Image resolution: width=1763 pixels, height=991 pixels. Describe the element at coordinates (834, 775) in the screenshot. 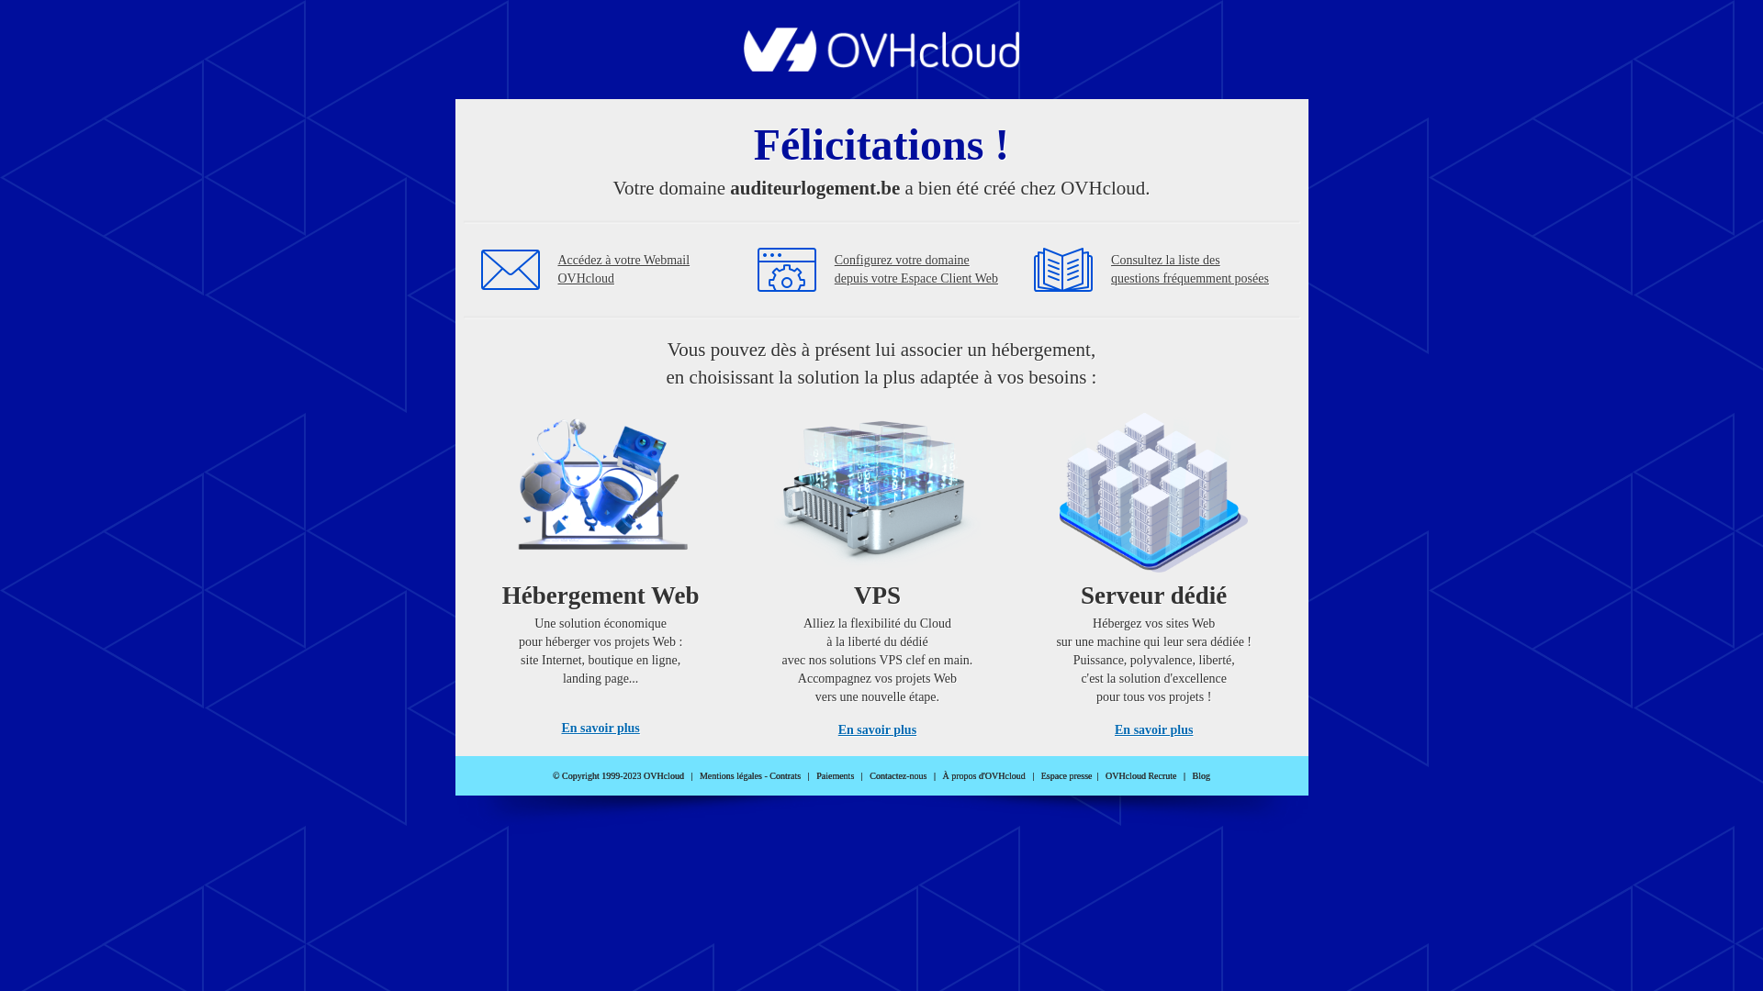

I see `'Paiements'` at that location.